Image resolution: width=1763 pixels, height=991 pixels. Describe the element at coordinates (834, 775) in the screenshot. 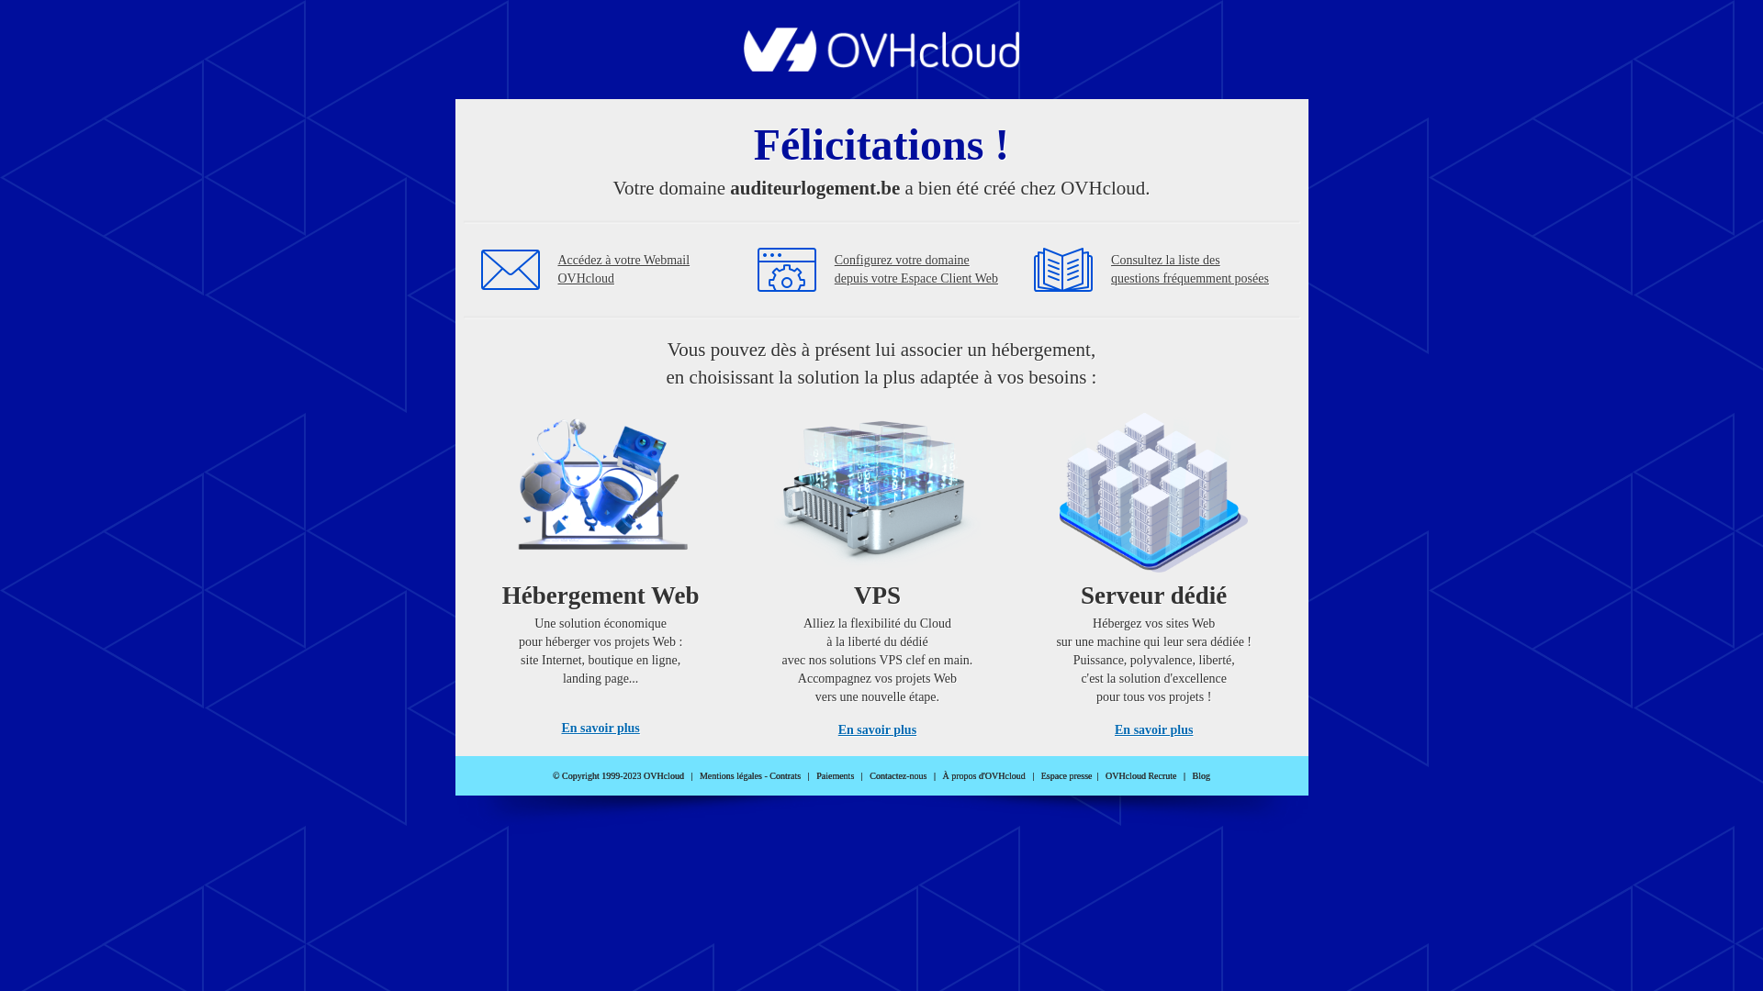

I see `'Paiements'` at that location.